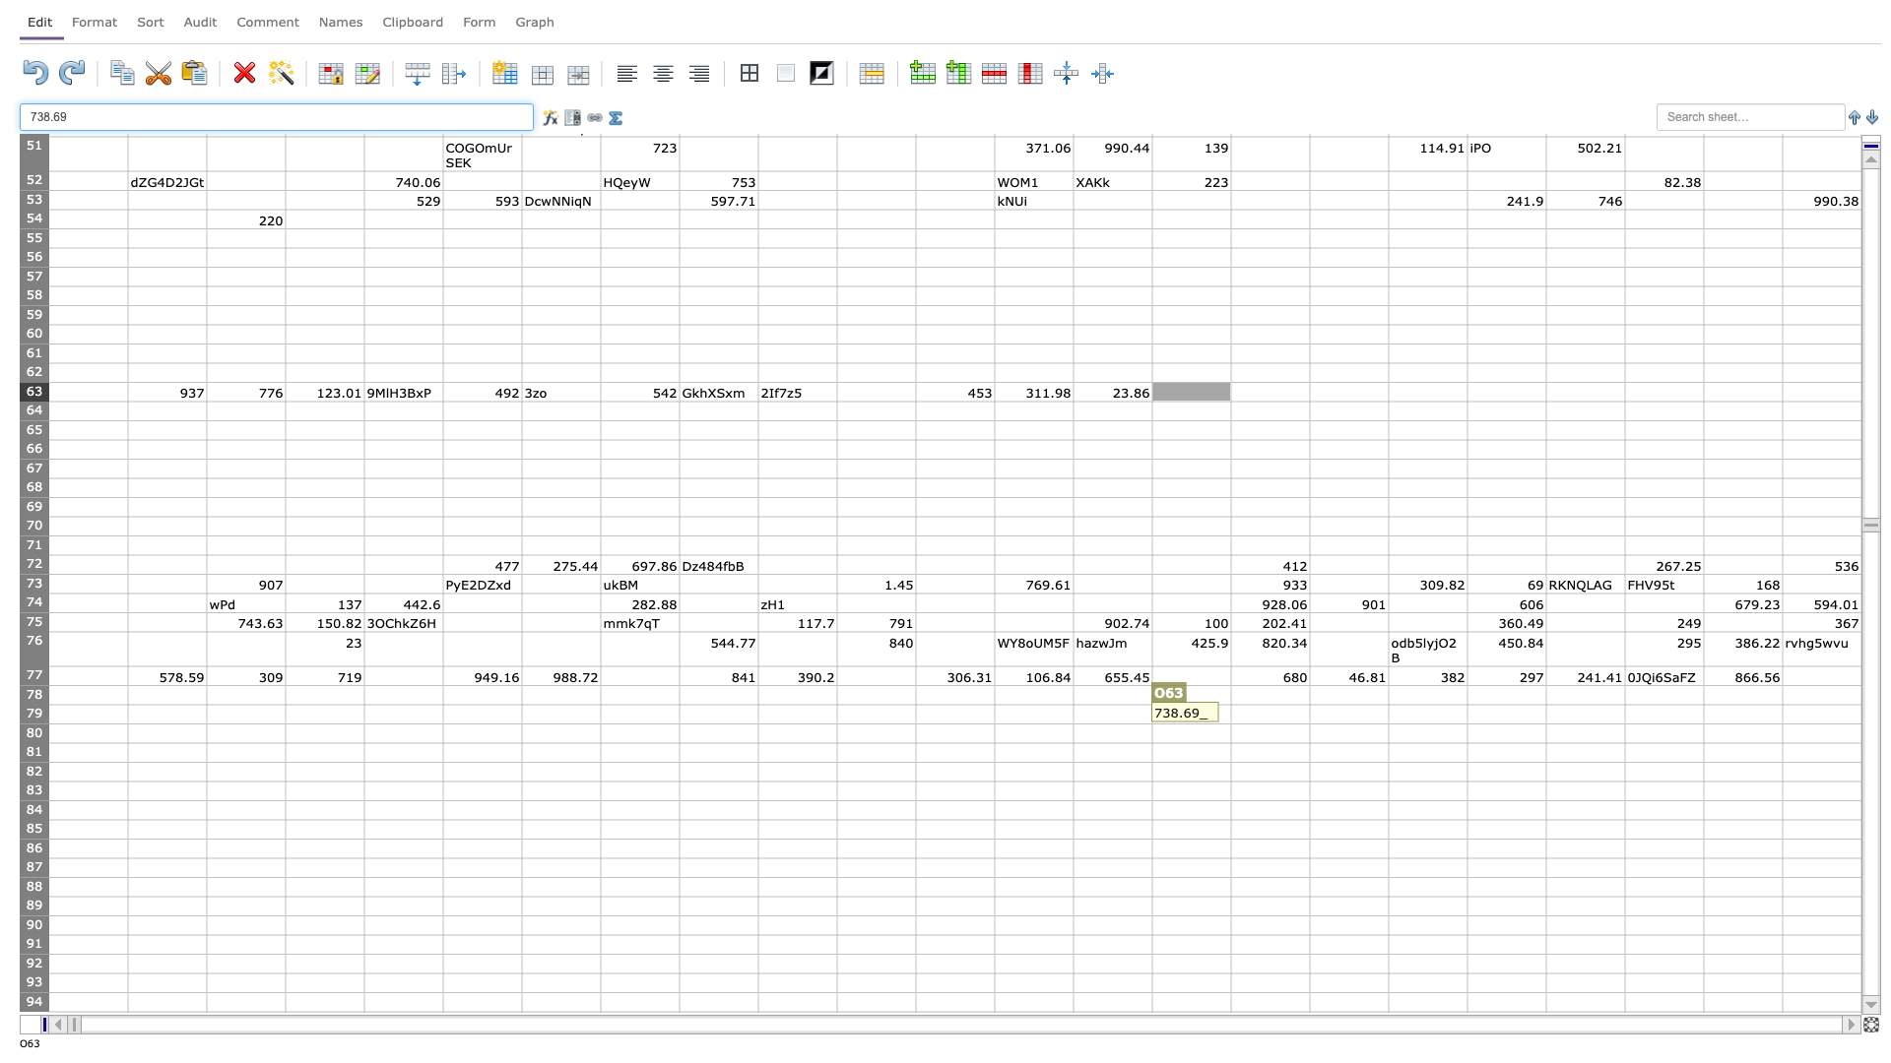 The image size is (1891, 1063). What do you see at coordinates (1229, 704) in the screenshot?
I see `Top left corner at position P79` at bounding box center [1229, 704].